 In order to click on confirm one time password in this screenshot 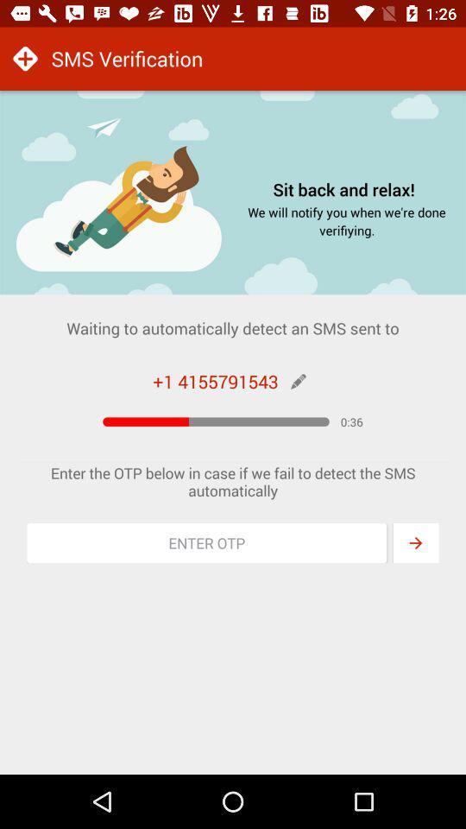, I will do `click(415, 542)`.